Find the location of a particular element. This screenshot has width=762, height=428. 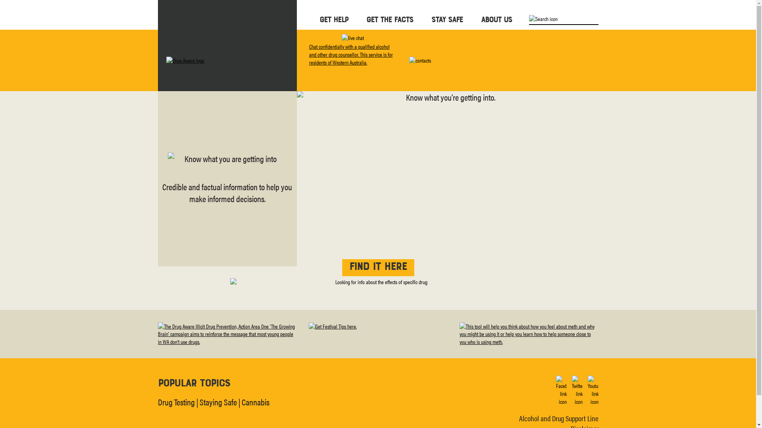

'Cannabis' is located at coordinates (255, 401).